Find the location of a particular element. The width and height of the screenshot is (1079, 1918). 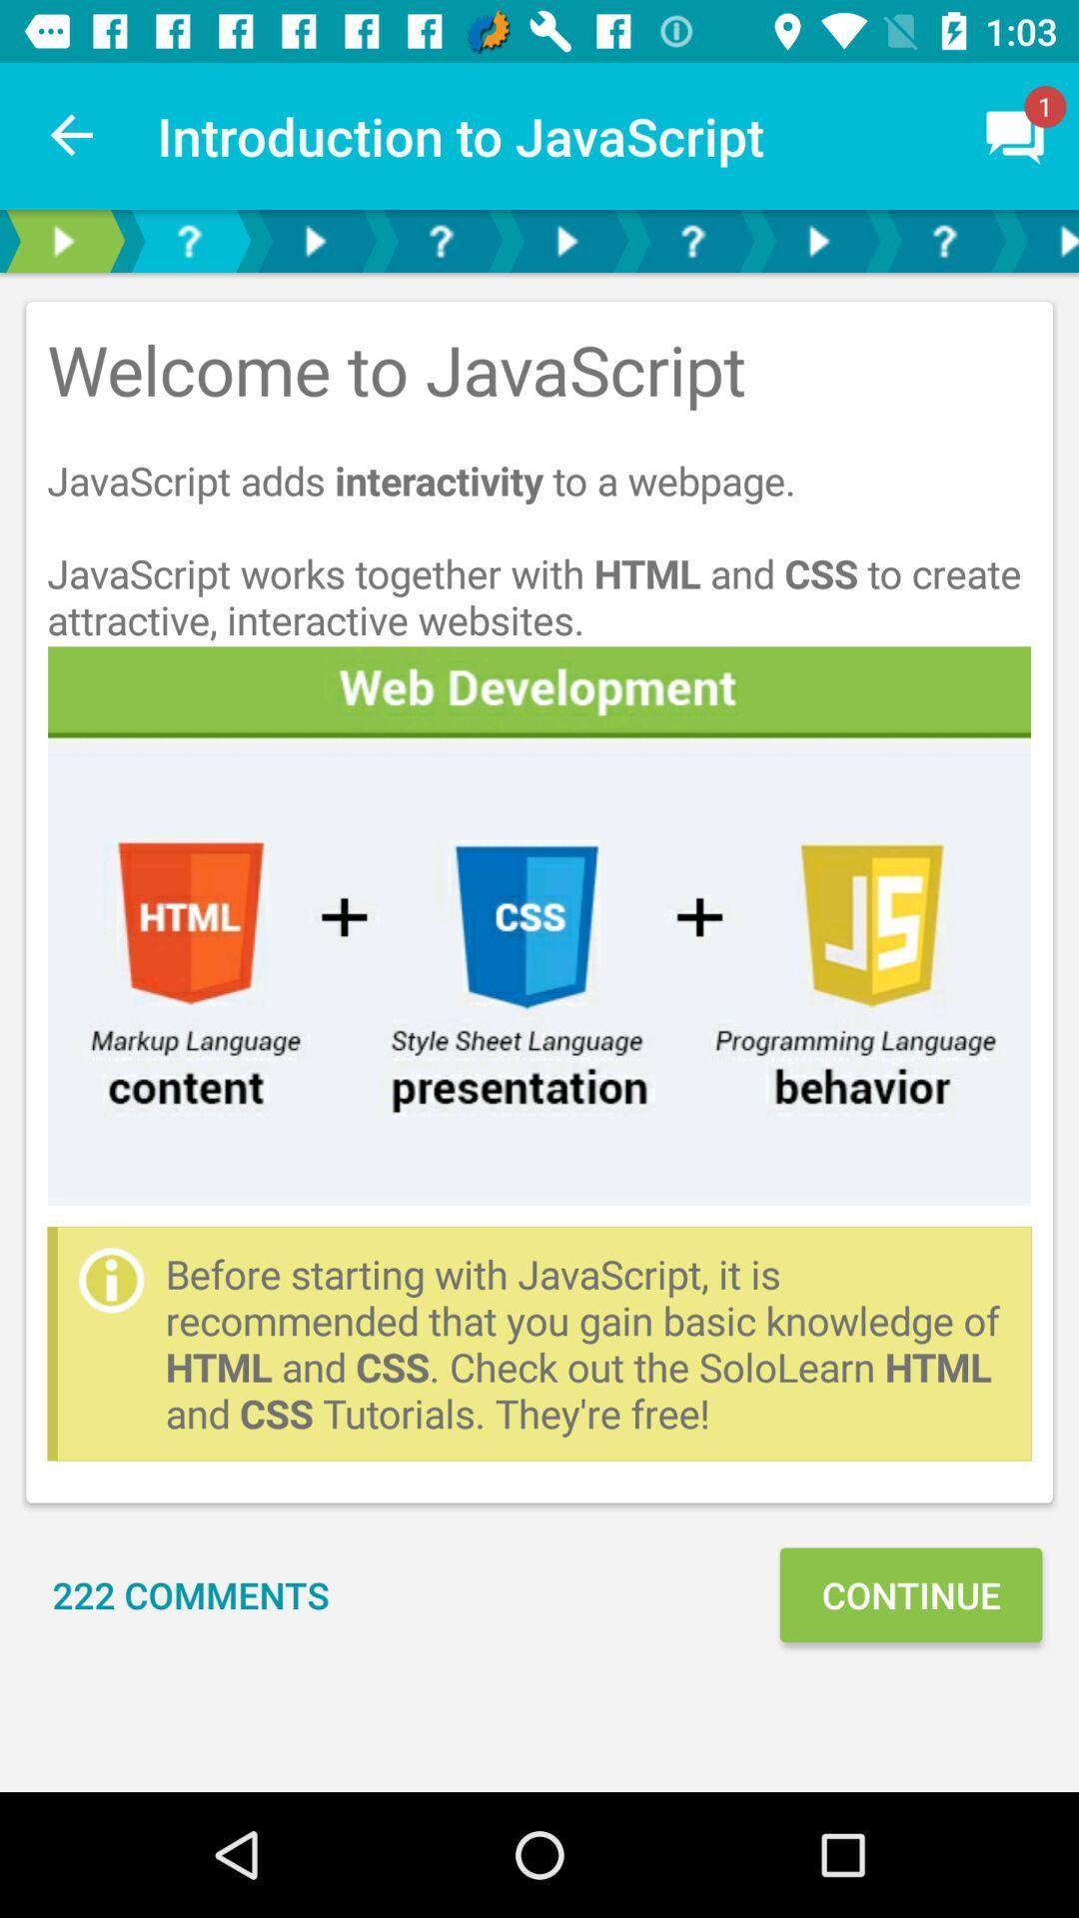

skip to button is located at coordinates (691, 240).